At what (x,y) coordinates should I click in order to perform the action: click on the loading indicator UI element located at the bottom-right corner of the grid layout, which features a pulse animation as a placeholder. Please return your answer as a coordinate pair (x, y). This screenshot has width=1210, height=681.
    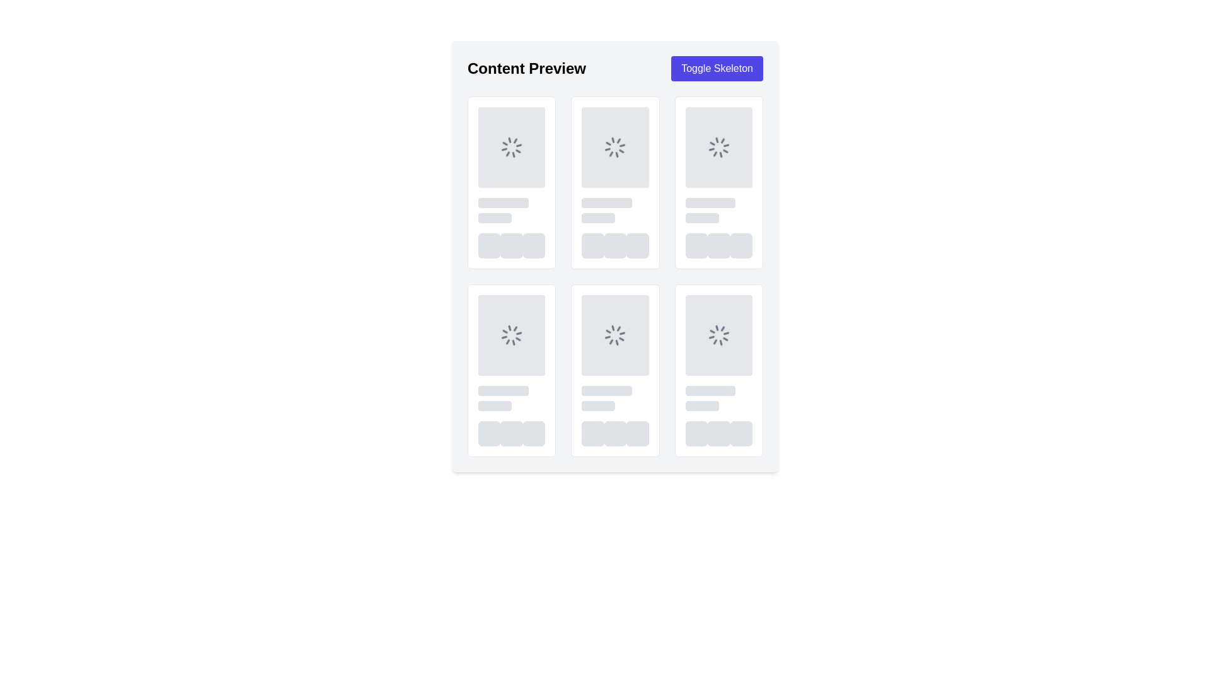
    Looking at the image, I should click on (718, 433).